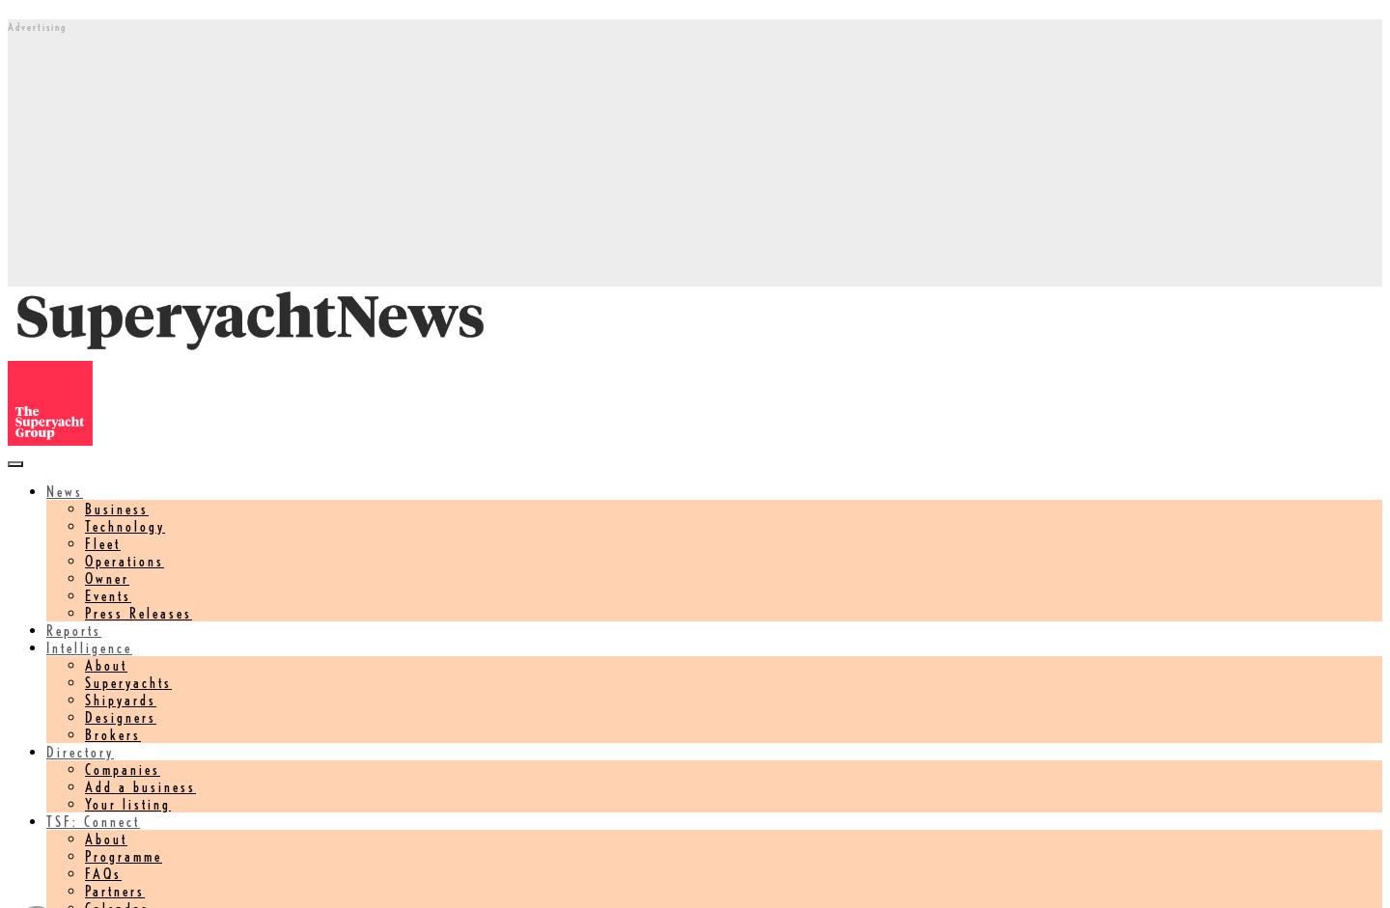 Image resolution: width=1390 pixels, height=908 pixels. Describe the element at coordinates (36, 26) in the screenshot. I see `'Advertising'` at that location.